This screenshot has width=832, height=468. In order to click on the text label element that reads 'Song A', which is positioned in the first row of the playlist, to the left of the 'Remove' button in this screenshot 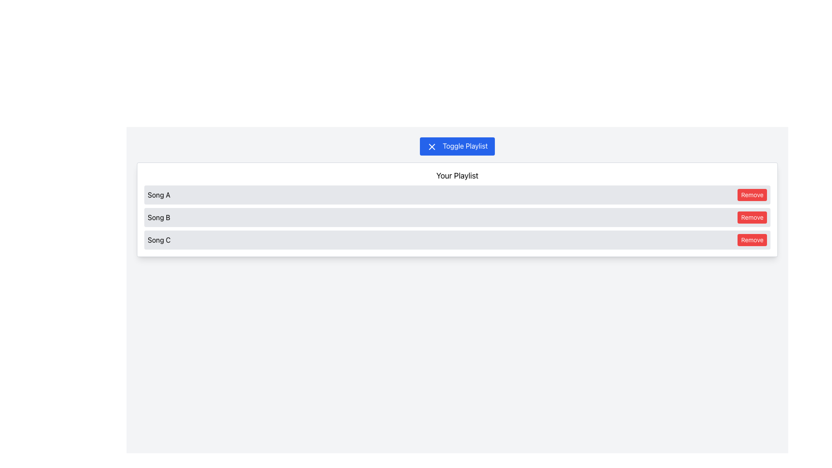, I will do `click(159, 194)`.